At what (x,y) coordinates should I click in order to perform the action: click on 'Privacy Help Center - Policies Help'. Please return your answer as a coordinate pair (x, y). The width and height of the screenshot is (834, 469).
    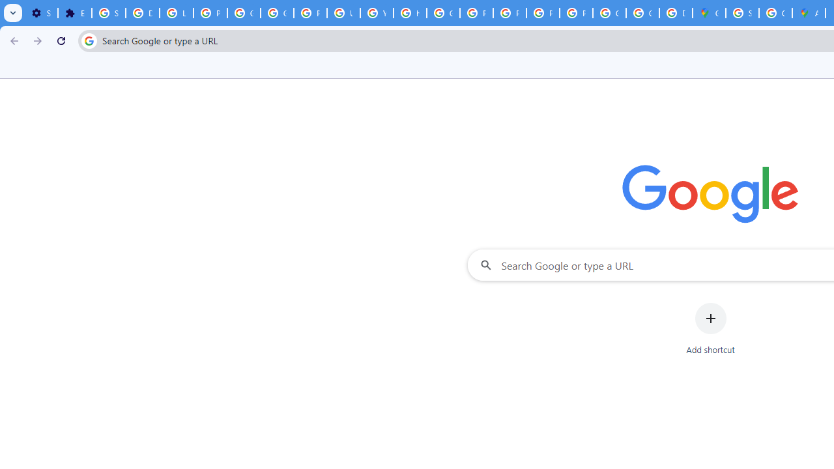
    Looking at the image, I should click on (476, 13).